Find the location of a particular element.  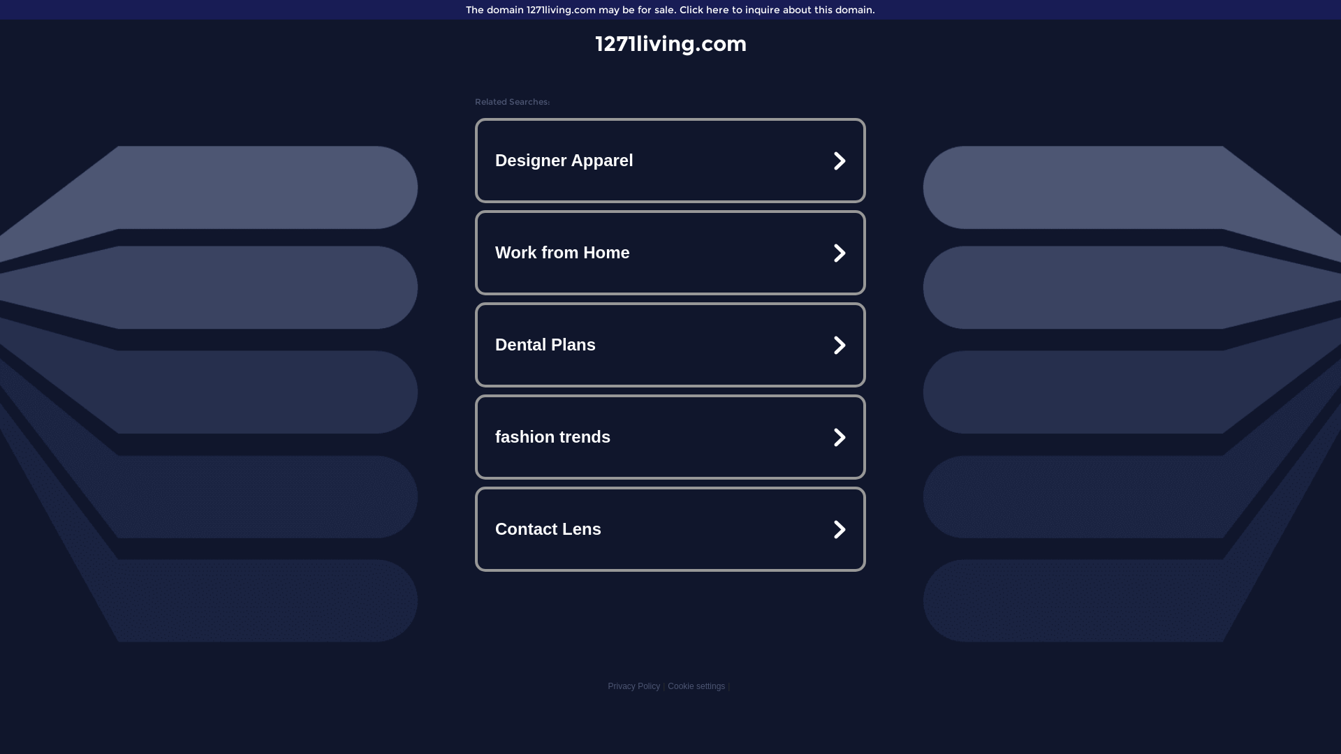

'Contact Lens' is located at coordinates (670, 529).